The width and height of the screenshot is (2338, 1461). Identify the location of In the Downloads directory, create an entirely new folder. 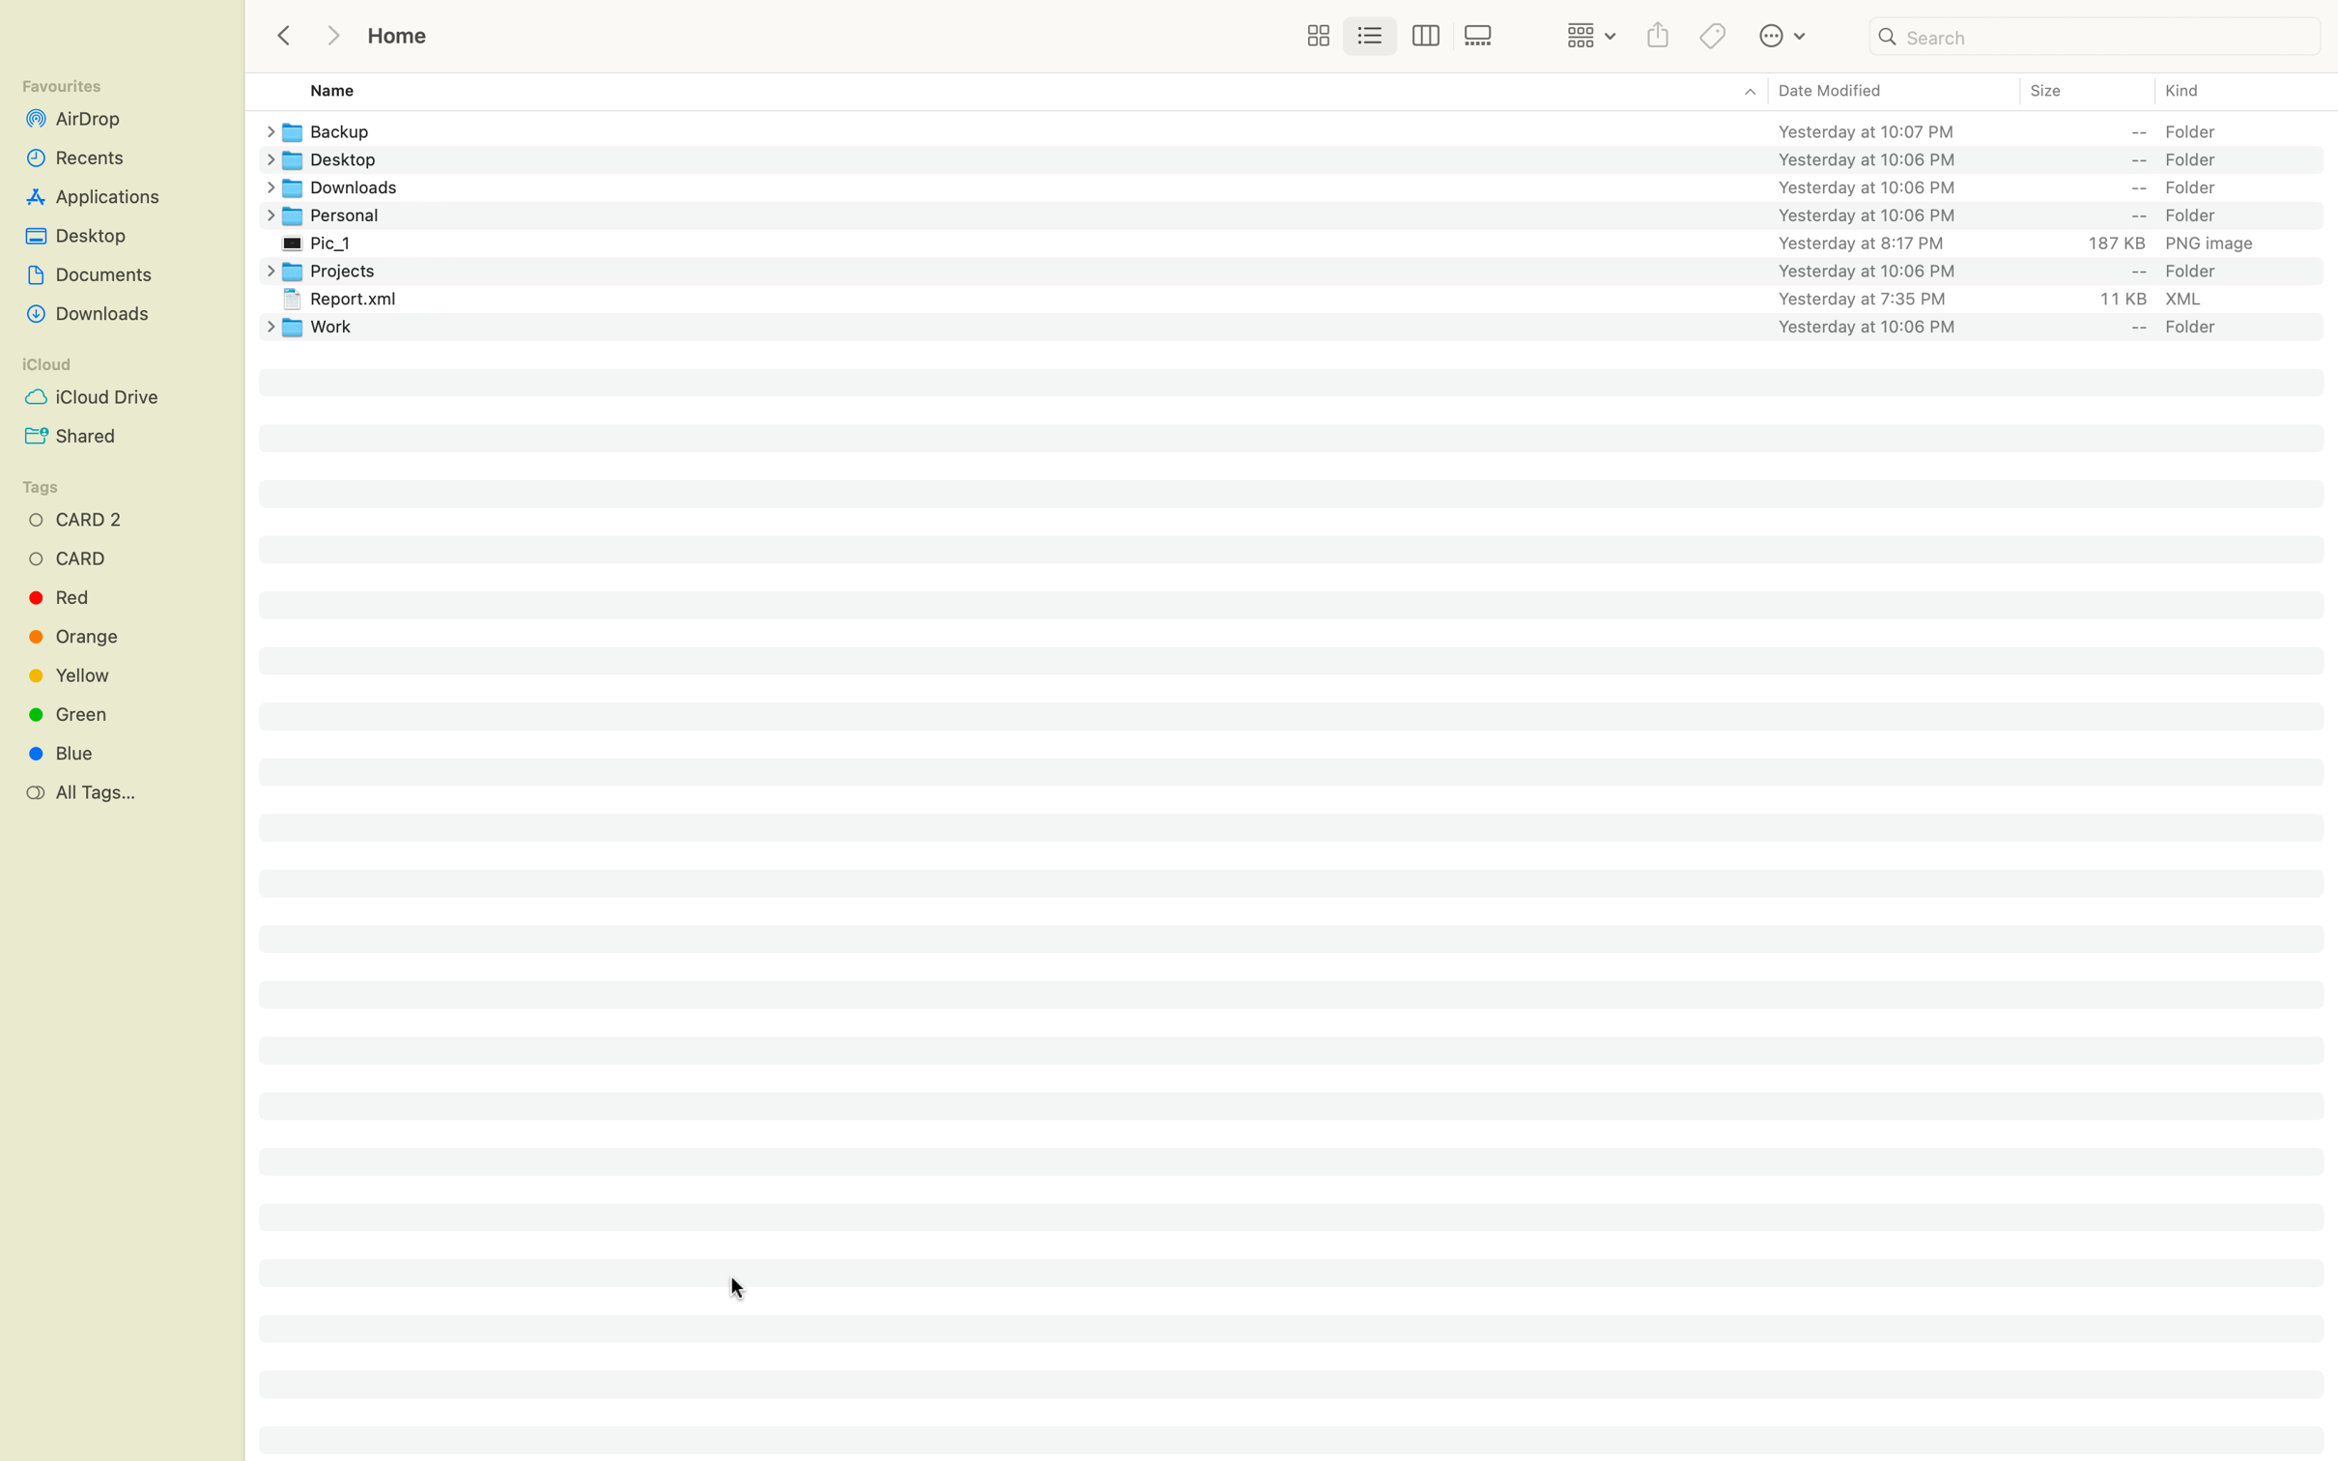
(266, 187).